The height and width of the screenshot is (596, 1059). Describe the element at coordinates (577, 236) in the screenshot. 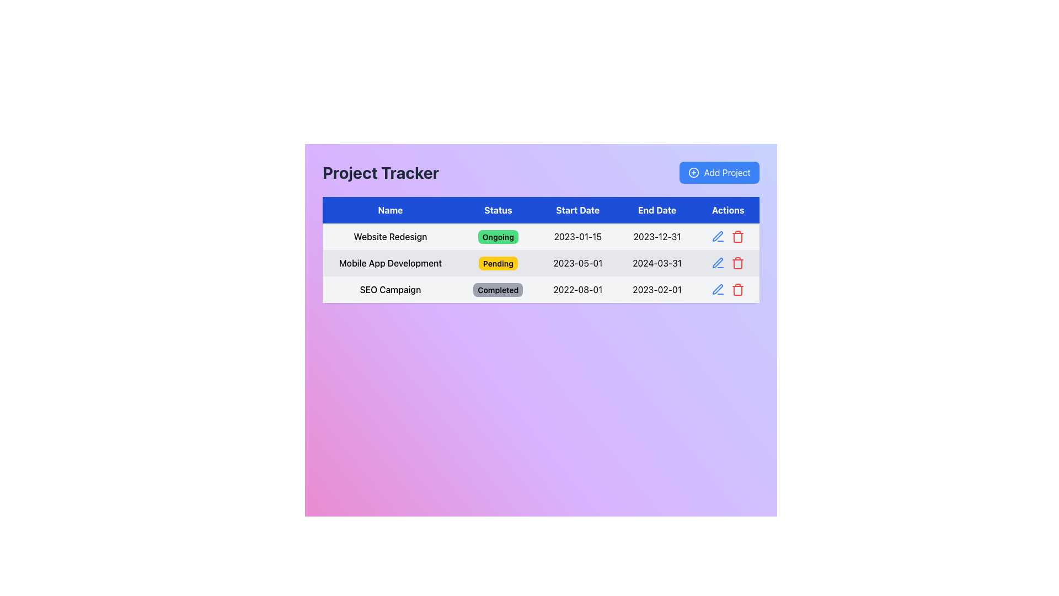

I see `the static text displaying the starting date of the 'Website Redesign' project, located in the third column under the 'Start Date' header of the project details table` at that location.